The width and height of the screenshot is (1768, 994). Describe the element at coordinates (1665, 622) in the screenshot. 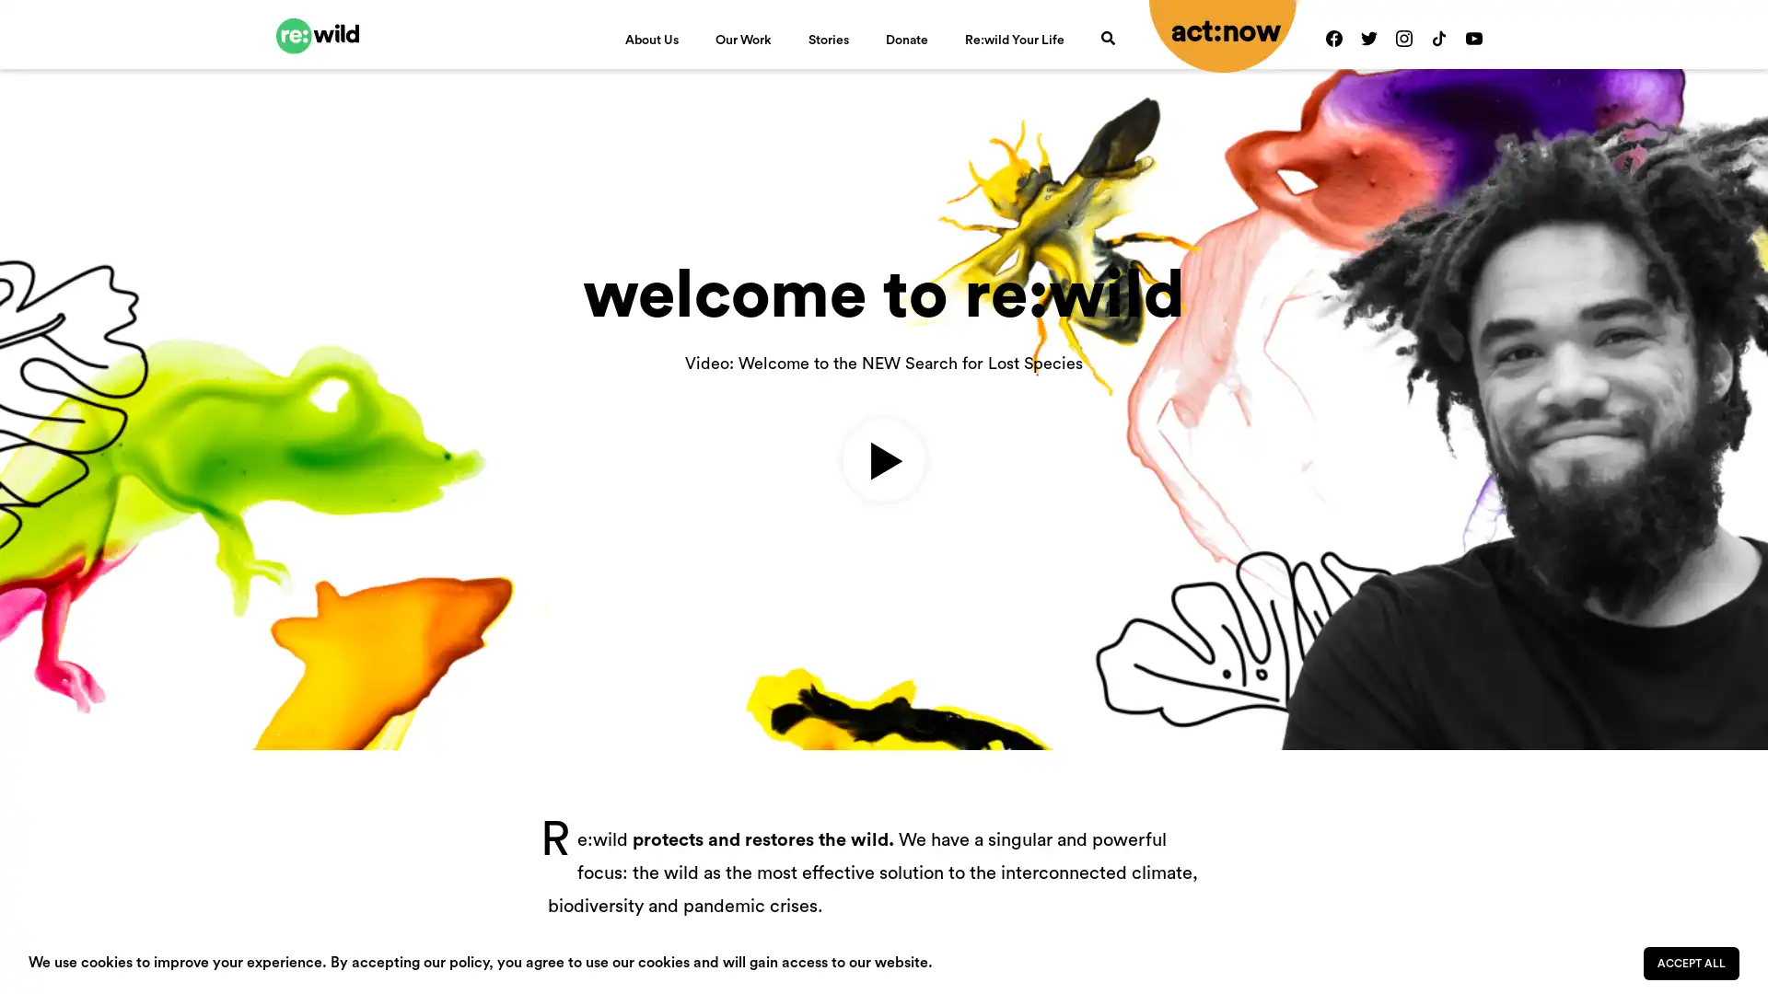

I see `enter full screen` at that location.